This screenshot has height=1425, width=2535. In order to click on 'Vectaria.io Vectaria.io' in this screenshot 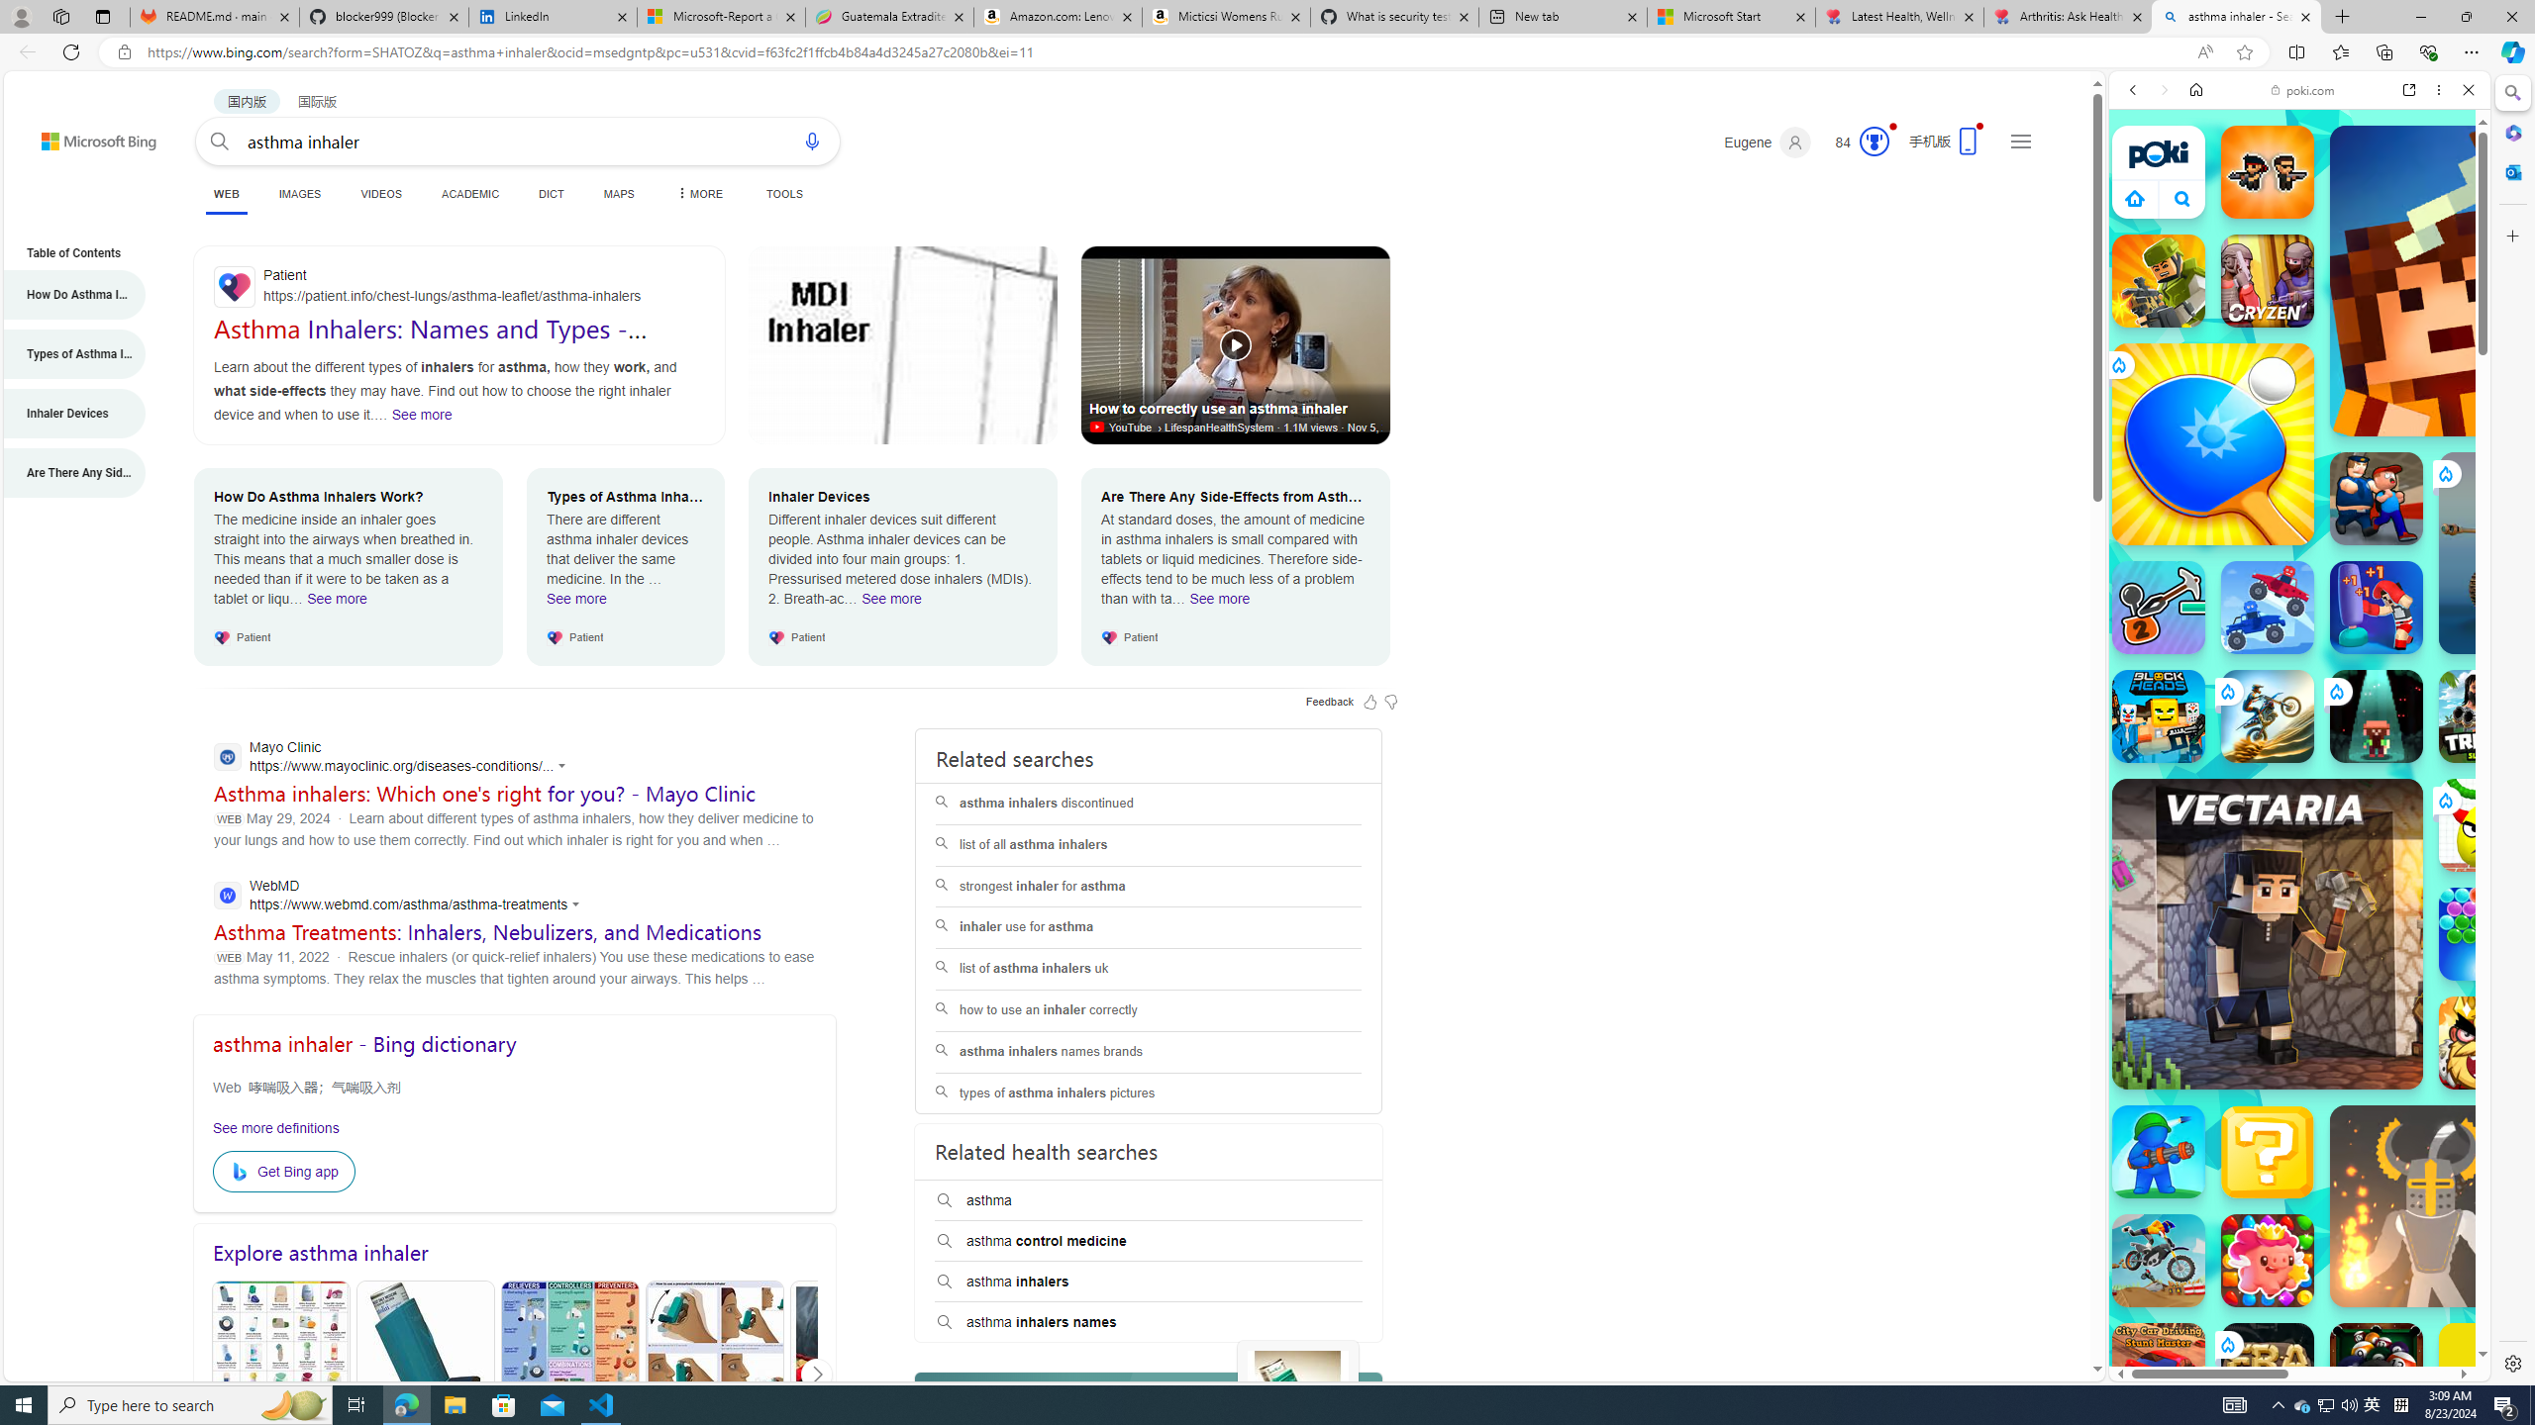, I will do `click(2266, 933)`.